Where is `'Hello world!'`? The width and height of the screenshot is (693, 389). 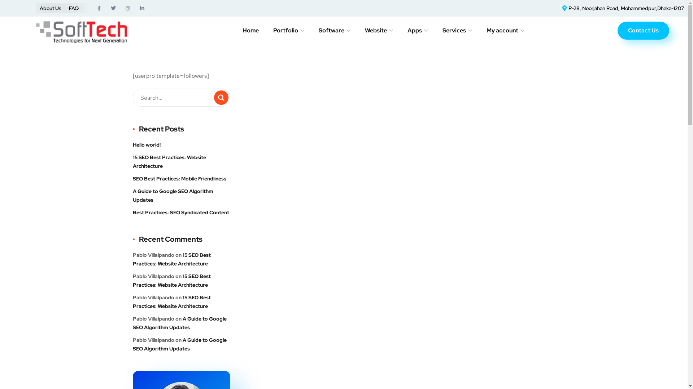 'Hello world!' is located at coordinates (146, 144).